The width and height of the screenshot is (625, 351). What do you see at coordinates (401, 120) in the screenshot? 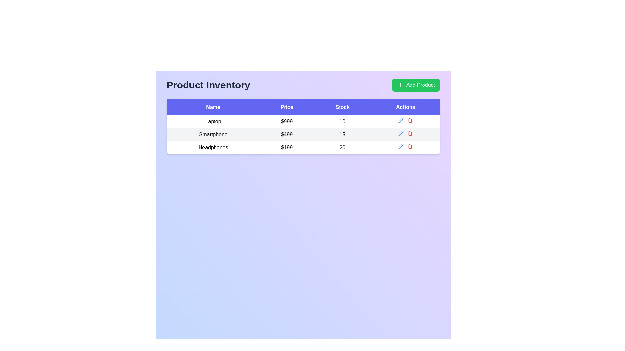
I see `the edit icon button located in the second row of the 'Actions' column, aligned with the 'Smartphone' product entry` at bounding box center [401, 120].